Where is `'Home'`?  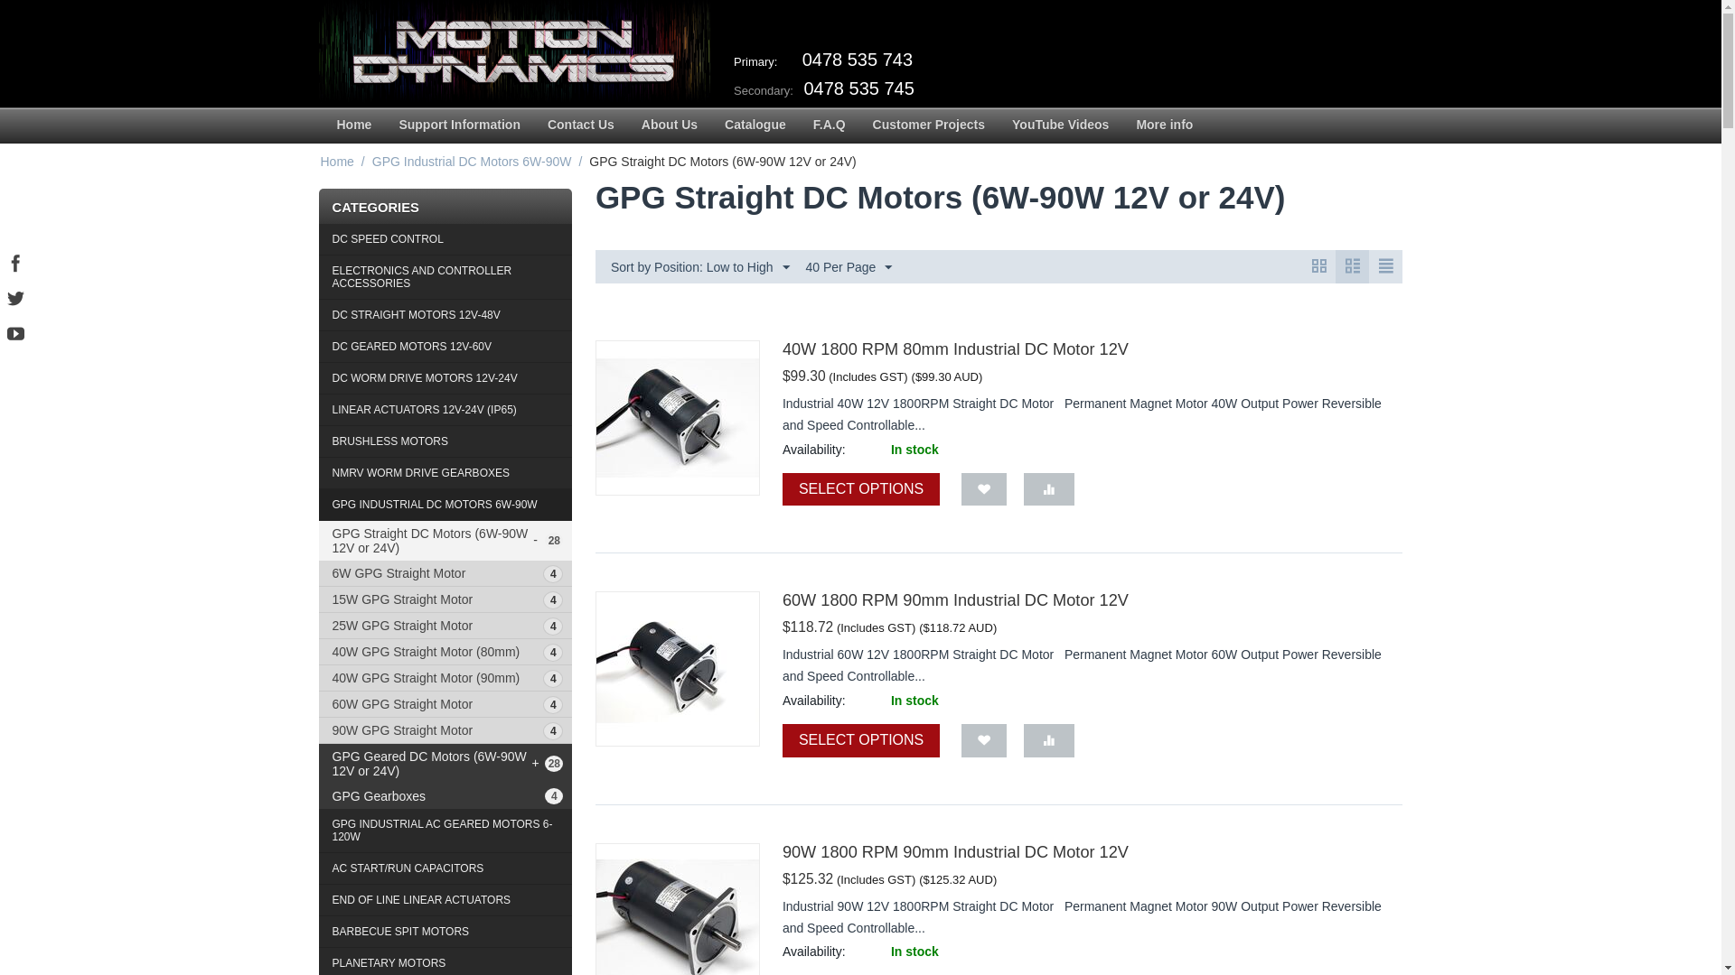
'Home' is located at coordinates (324, 125).